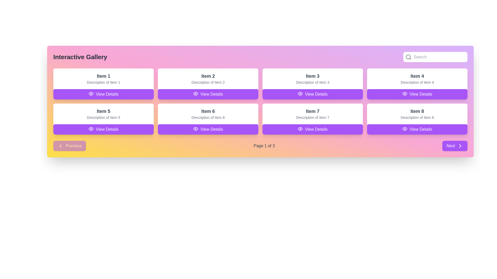 This screenshot has height=279, width=497. I want to click on the Information display card that shows details for 'Item 2' located in the first row, second column of the layout grid, so click(208, 79).